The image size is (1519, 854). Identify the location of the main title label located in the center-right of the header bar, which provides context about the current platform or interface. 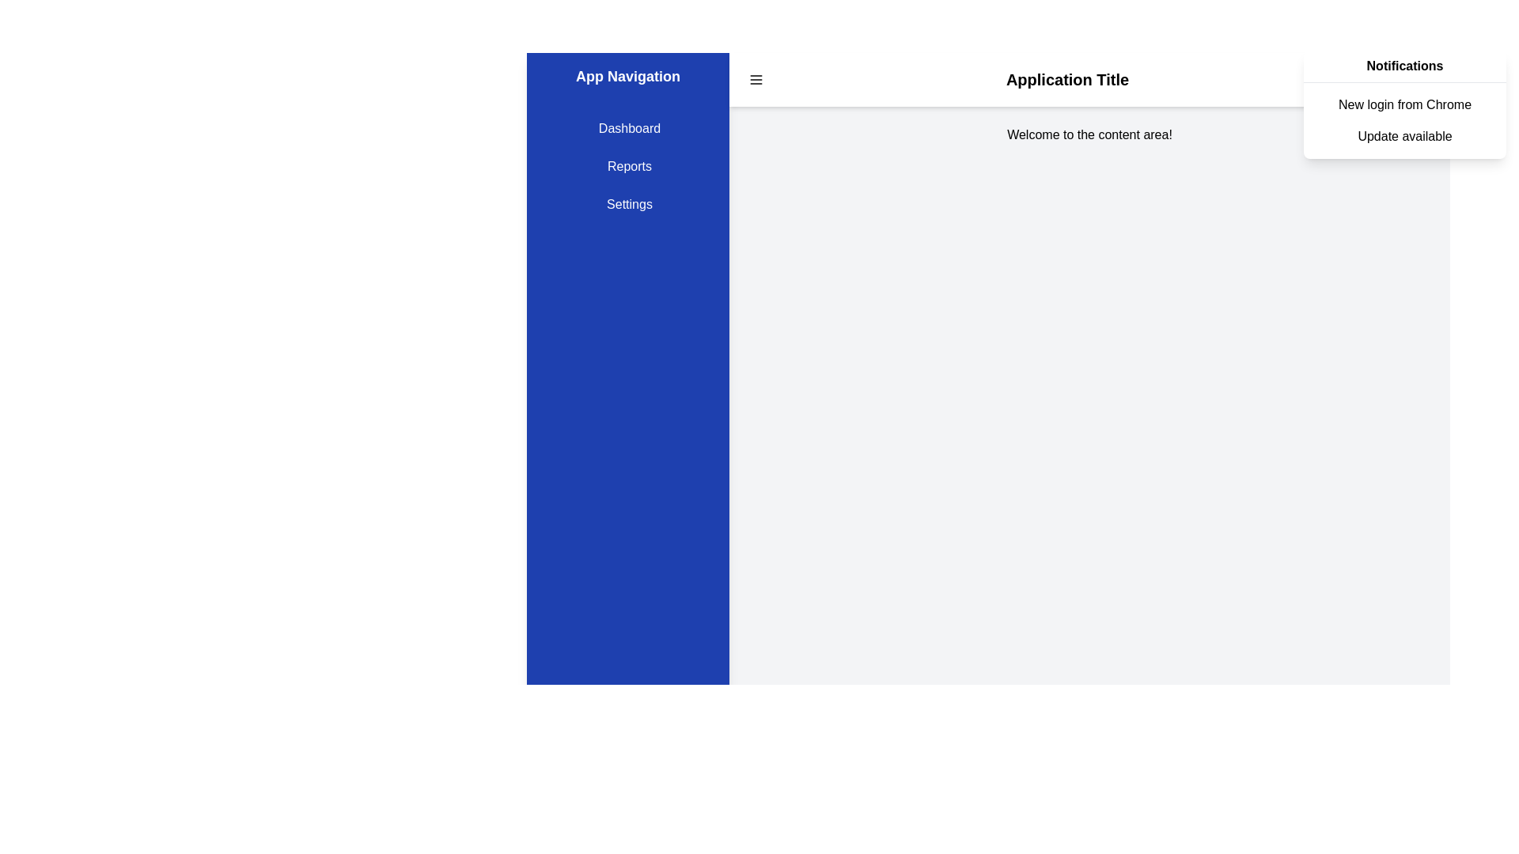
(1067, 79).